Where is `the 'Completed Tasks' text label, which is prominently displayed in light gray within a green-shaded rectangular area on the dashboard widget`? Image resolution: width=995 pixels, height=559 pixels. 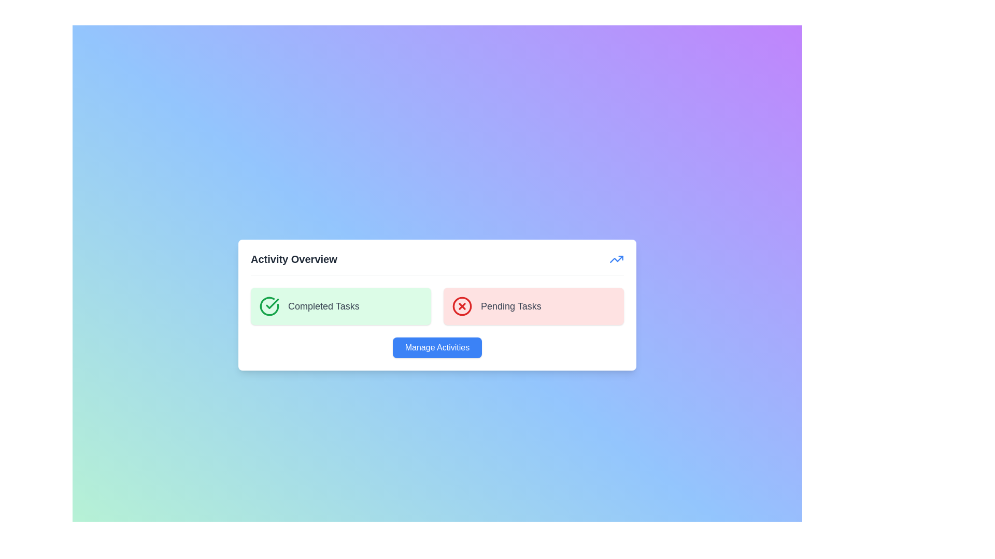 the 'Completed Tasks' text label, which is prominently displayed in light gray within a green-shaded rectangular area on the dashboard widget is located at coordinates (323, 305).